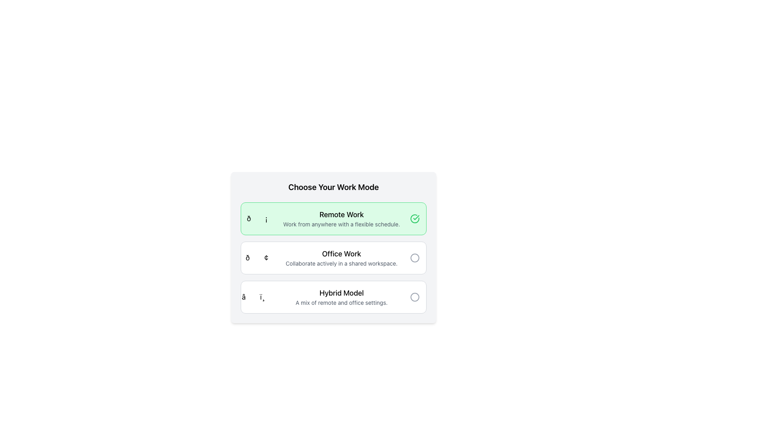  What do you see at coordinates (334, 258) in the screenshot?
I see `the second radio button option for 'Office Work'` at bounding box center [334, 258].